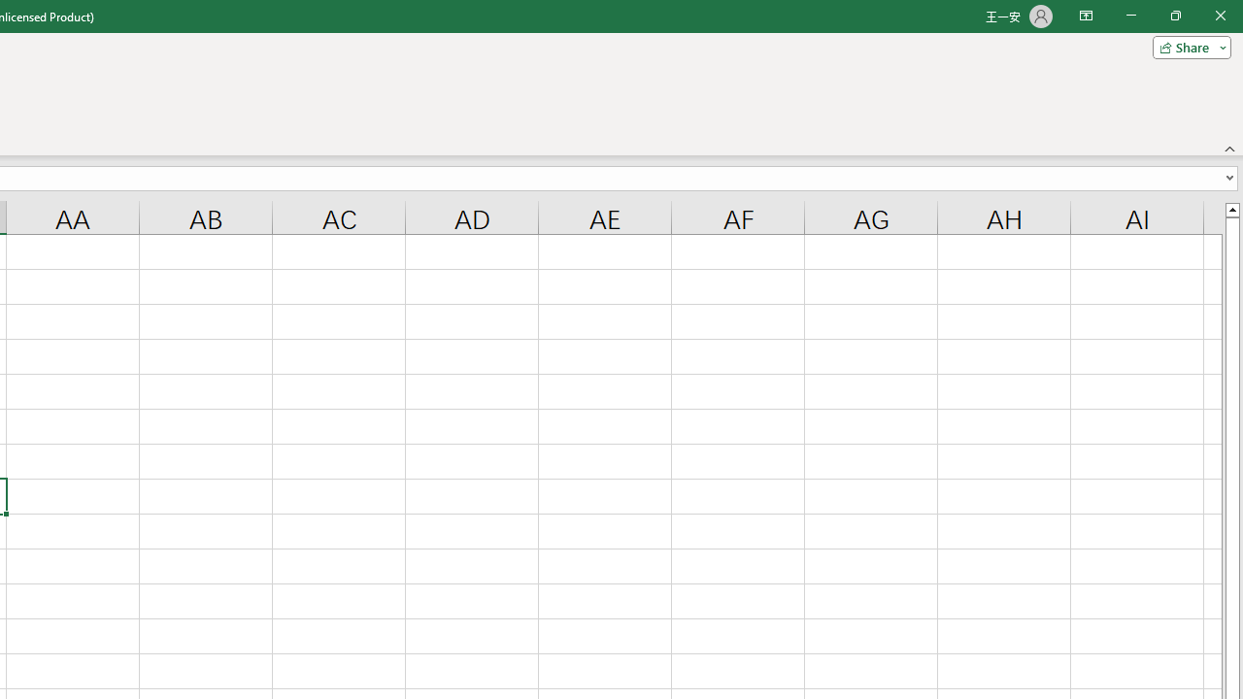  I want to click on 'Share', so click(1187, 46).